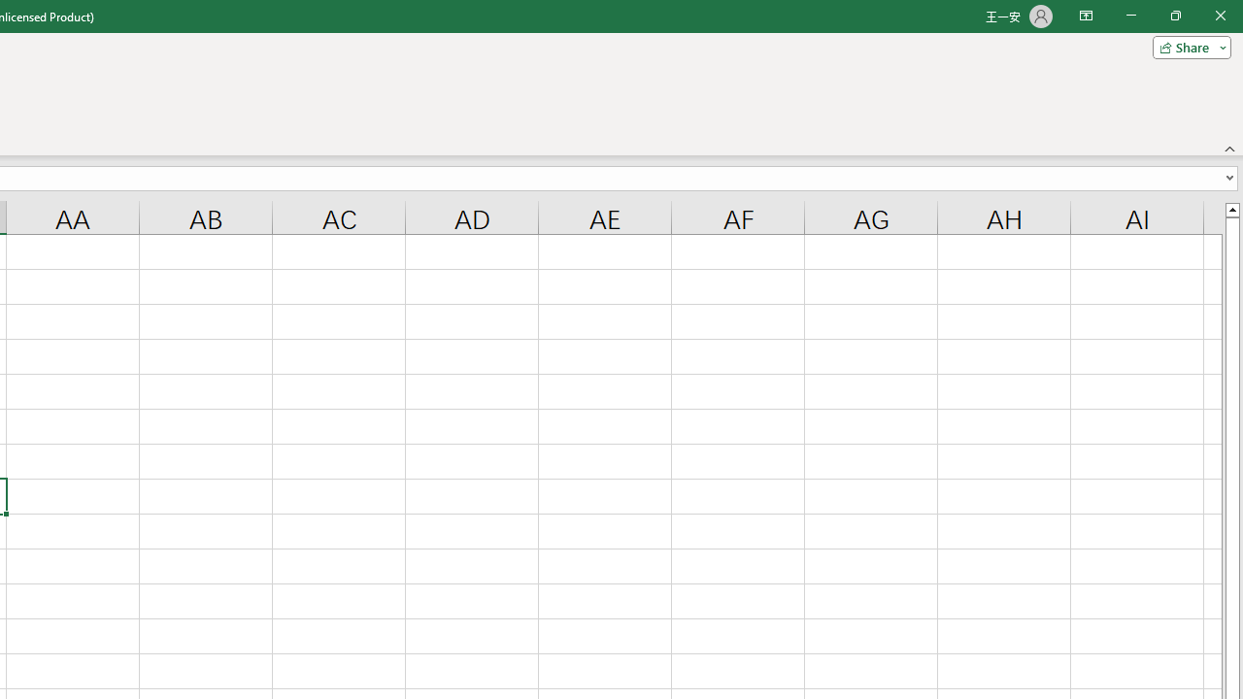  I want to click on 'Share', so click(1187, 46).